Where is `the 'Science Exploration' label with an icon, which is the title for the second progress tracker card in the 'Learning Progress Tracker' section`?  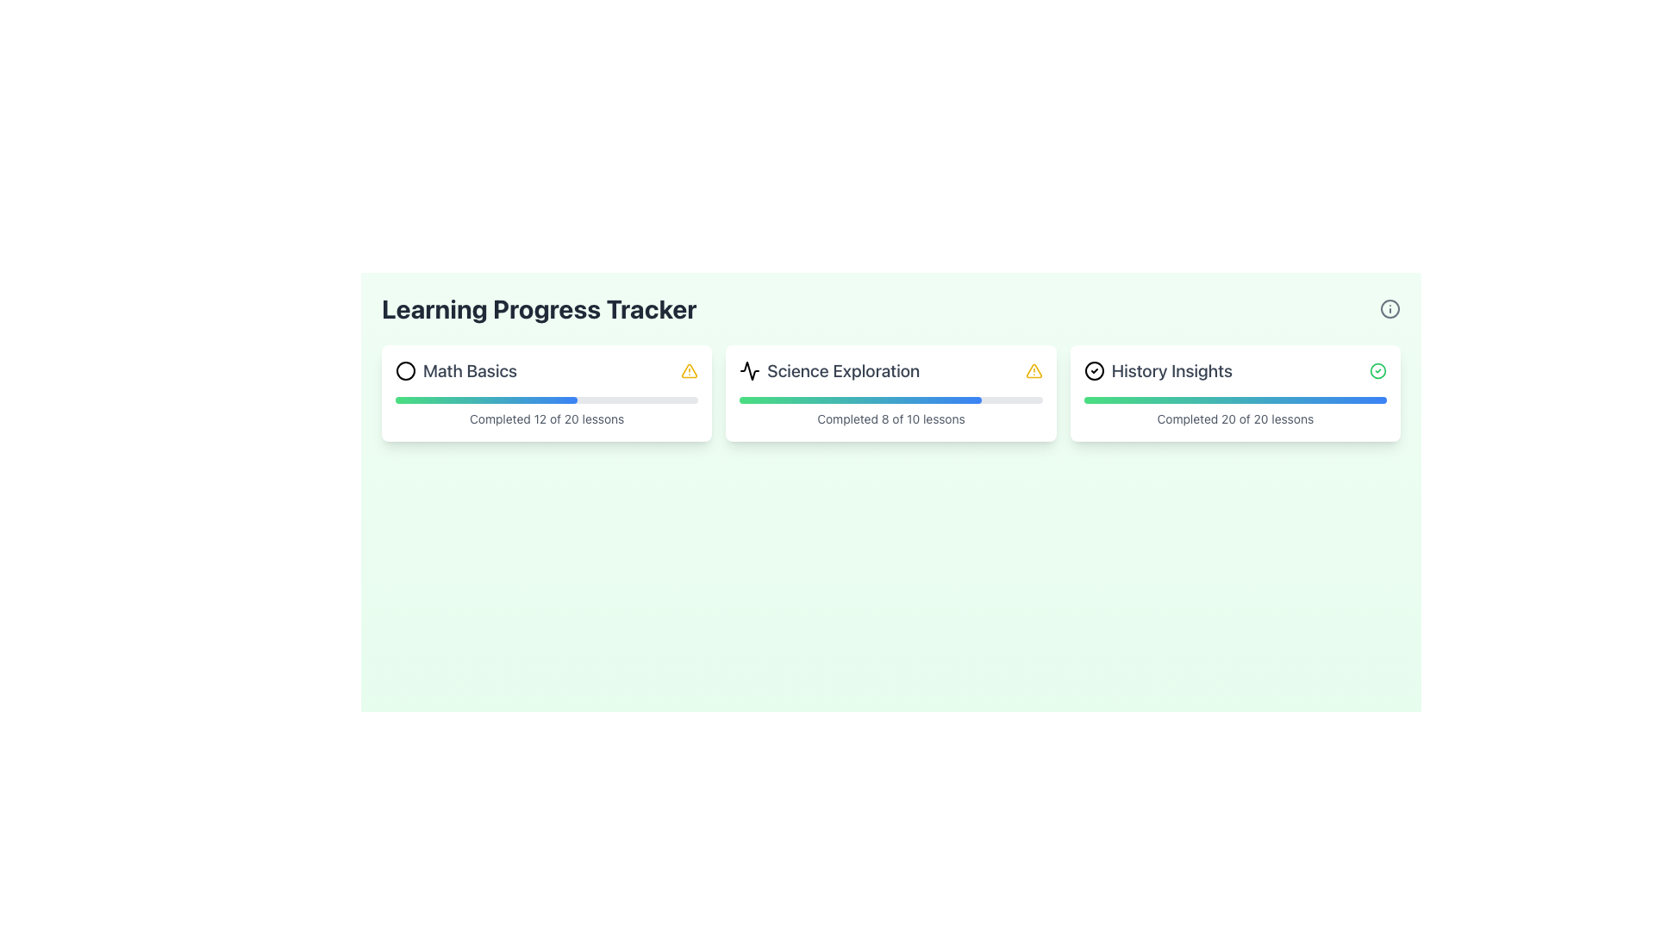 the 'Science Exploration' label with an icon, which is the title for the second progress tracker card in the 'Learning Progress Tracker' section is located at coordinates (829, 370).